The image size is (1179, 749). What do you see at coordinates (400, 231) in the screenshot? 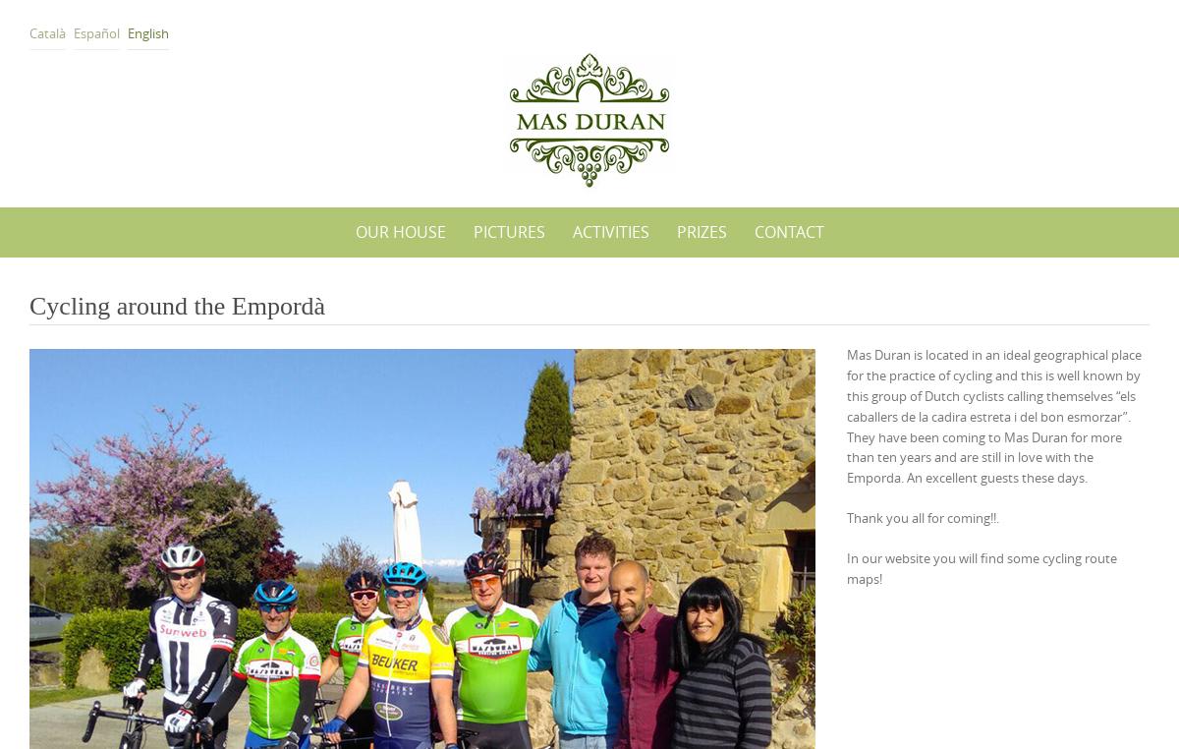
I see `'Our house'` at bounding box center [400, 231].